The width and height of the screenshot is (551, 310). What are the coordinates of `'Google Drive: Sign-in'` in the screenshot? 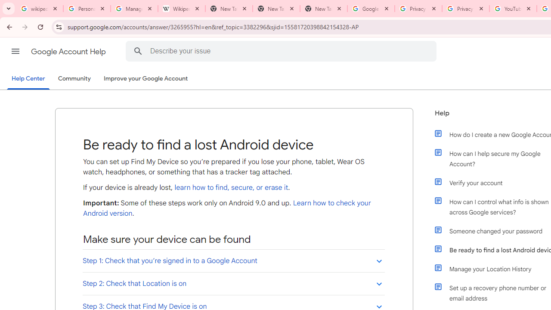 It's located at (371, 9).